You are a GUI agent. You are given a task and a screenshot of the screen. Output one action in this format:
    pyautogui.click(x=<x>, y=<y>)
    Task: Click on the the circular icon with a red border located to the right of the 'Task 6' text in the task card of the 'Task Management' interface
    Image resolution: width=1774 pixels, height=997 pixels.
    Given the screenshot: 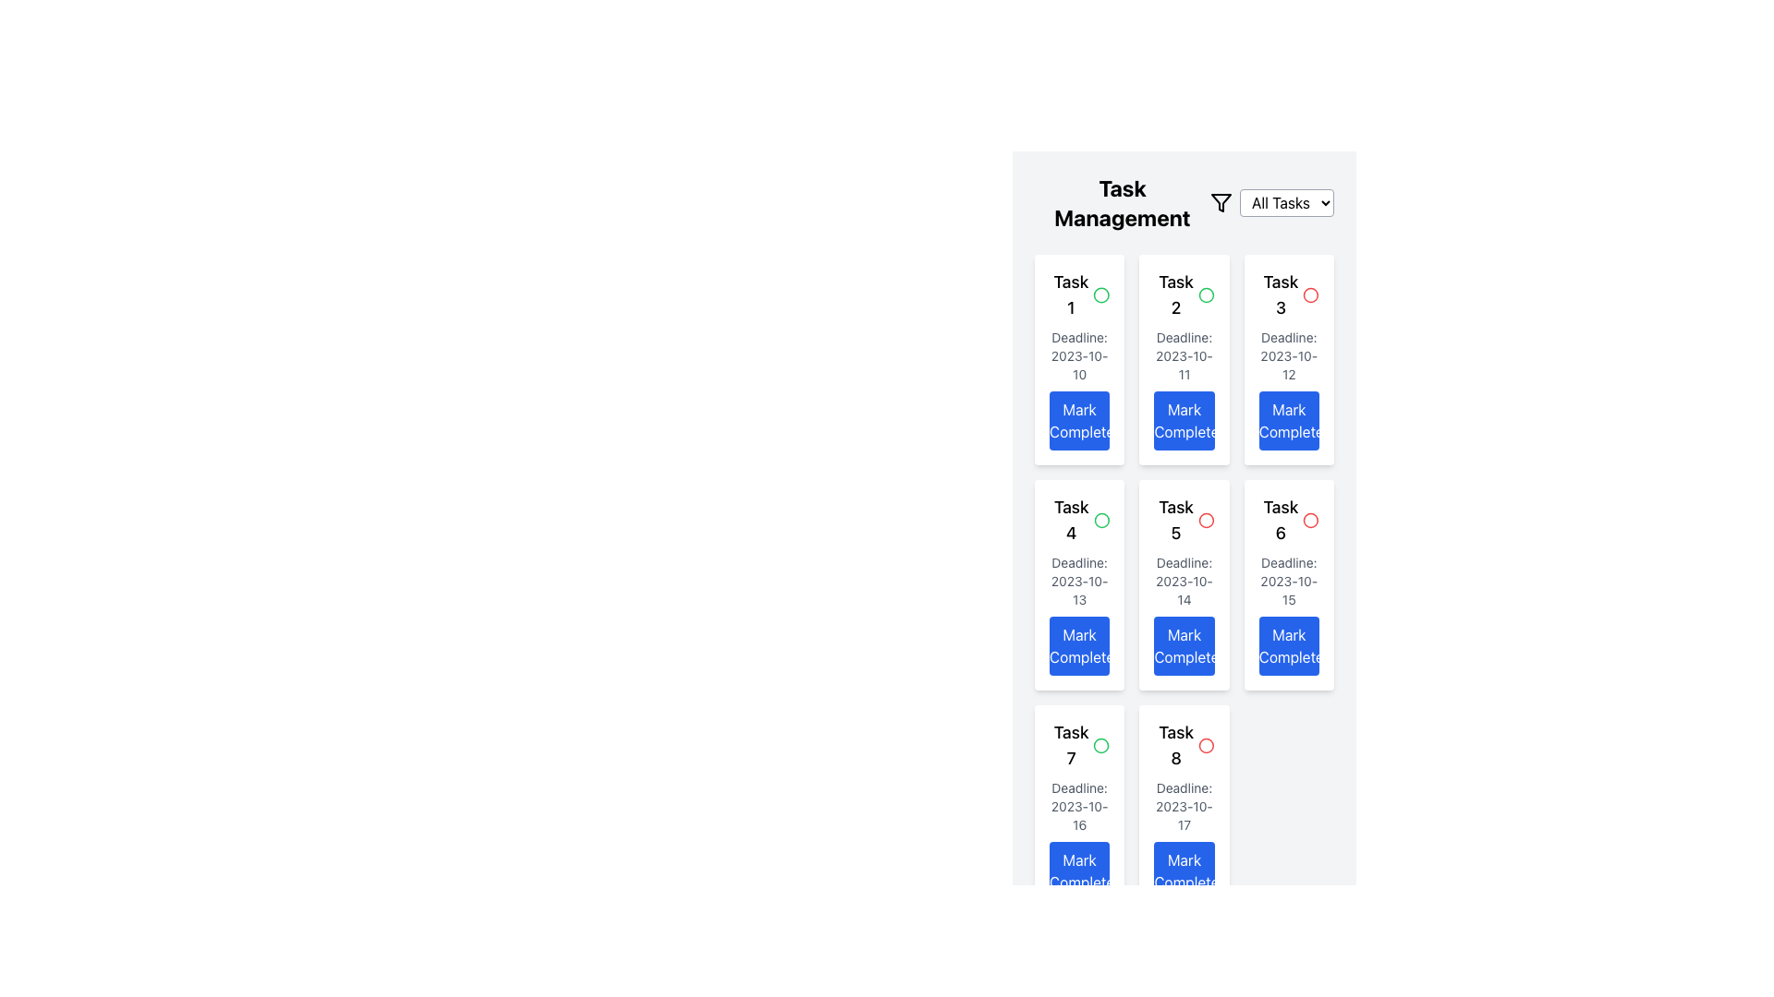 What is the action you would take?
    pyautogui.click(x=1310, y=520)
    